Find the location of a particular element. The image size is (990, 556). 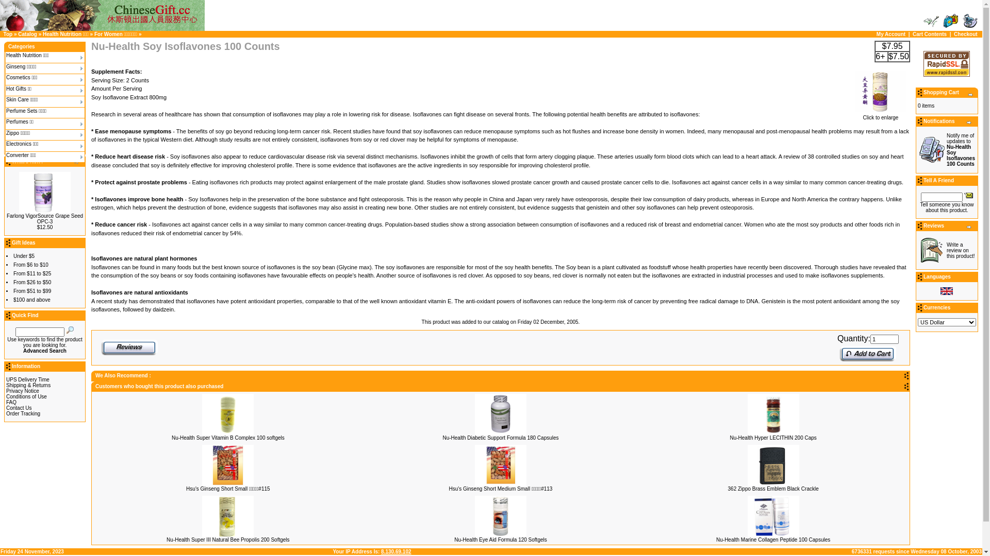

'My Account' is located at coordinates (890, 33).